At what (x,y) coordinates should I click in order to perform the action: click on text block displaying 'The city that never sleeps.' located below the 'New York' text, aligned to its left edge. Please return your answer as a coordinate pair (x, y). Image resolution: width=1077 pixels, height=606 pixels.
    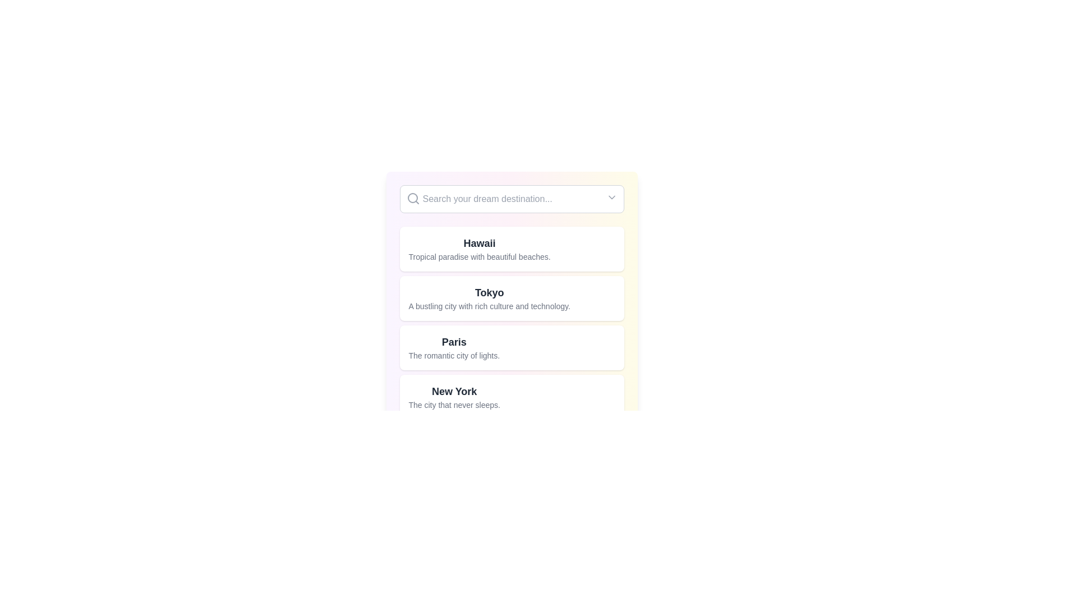
    Looking at the image, I should click on (454, 405).